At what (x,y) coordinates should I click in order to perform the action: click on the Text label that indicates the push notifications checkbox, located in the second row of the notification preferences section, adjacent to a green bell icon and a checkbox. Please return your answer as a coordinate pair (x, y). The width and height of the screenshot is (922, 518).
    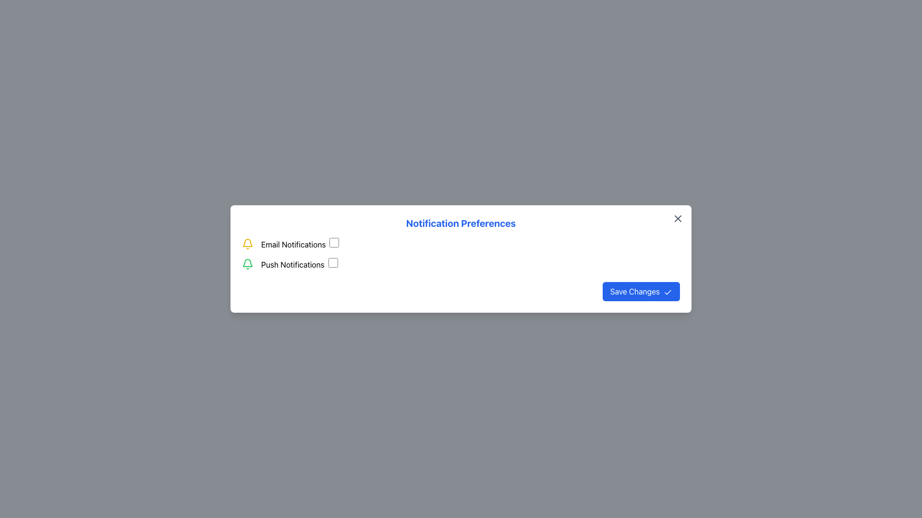
    Looking at the image, I should click on (299, 264).